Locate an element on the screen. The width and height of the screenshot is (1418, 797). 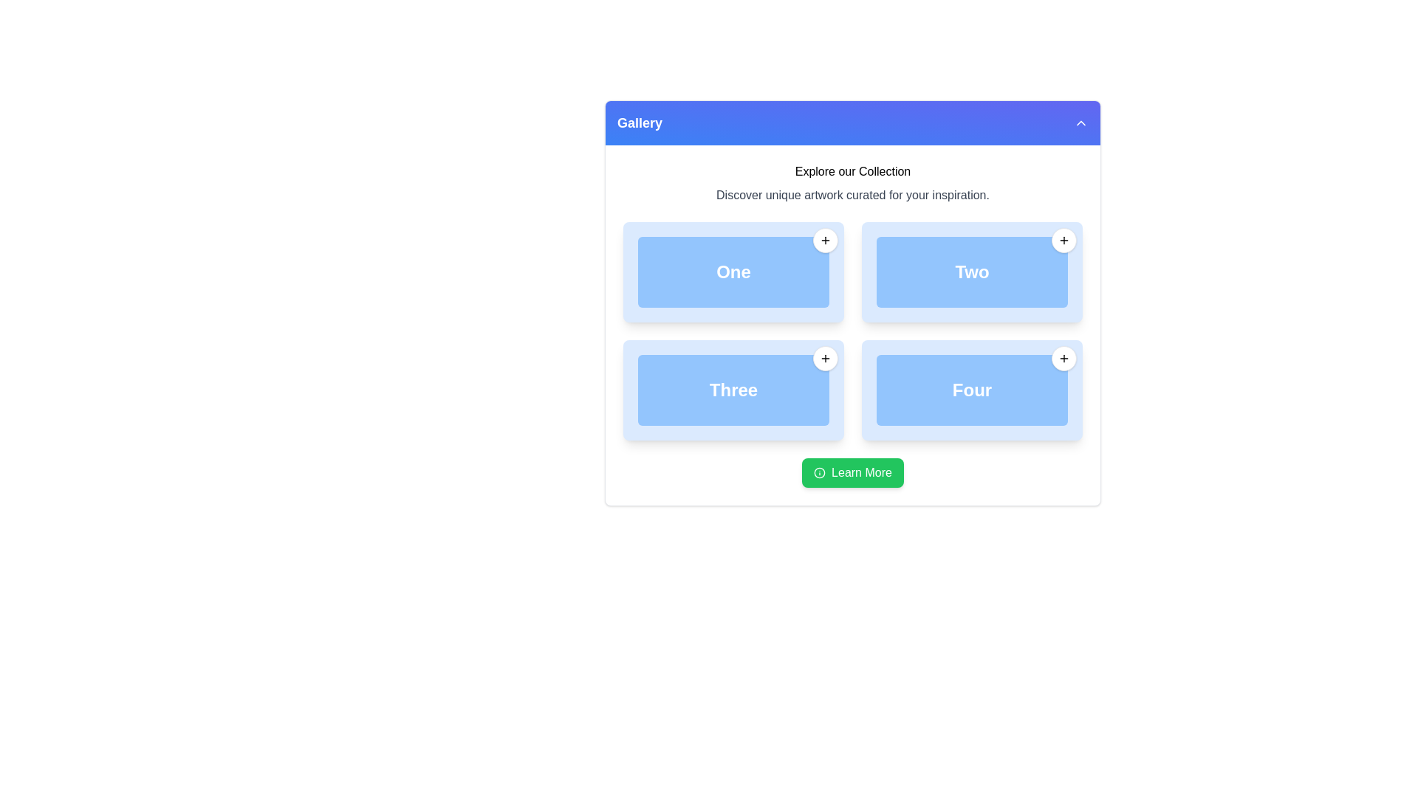
the plus icon inside the circular white button located at the top-right corner of the blue rectangular card labeled 'Two' is located at coordinates (1063, 240).